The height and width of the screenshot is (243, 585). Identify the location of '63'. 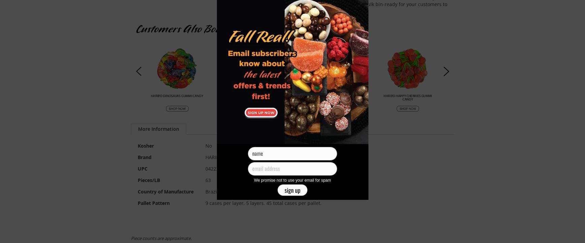
(207, 180).